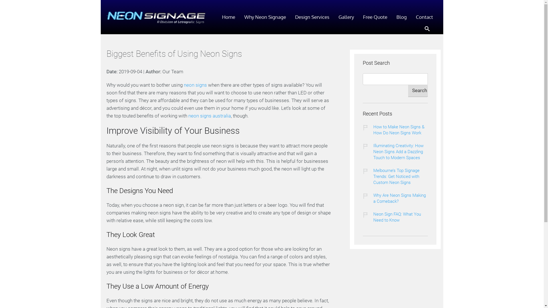 The height and width of the screenshot is (308, 548). What do you see at coordinates (195, 85) in the screenshot?
I see `'neon signs'` at bounding box center [195, 85].